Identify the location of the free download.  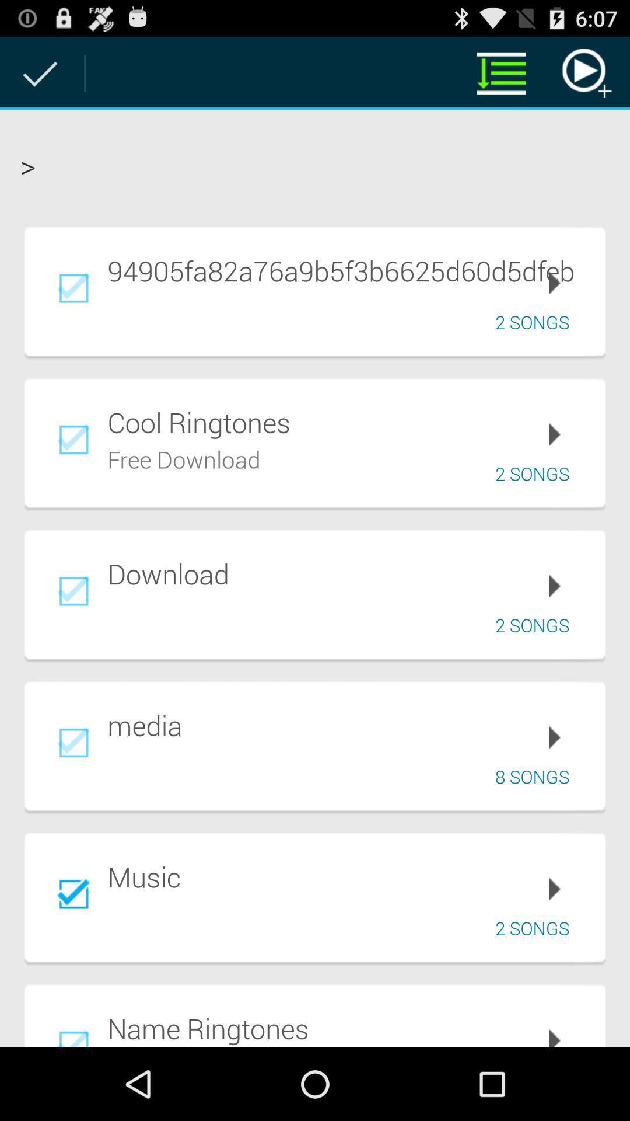
(184, 457).